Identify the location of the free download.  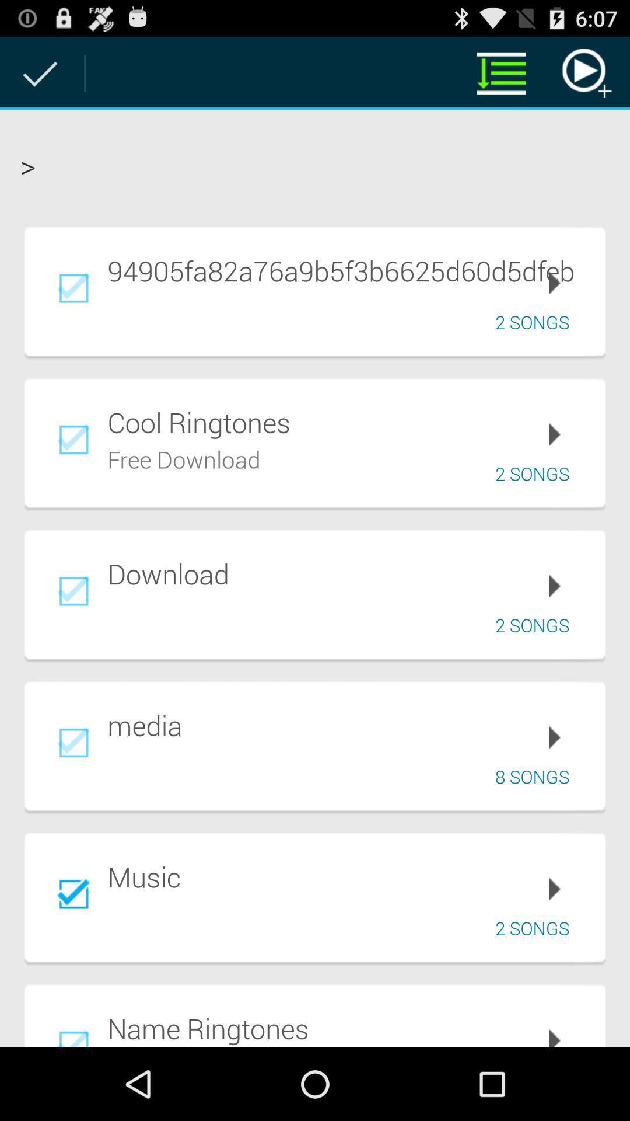
(184, 457).